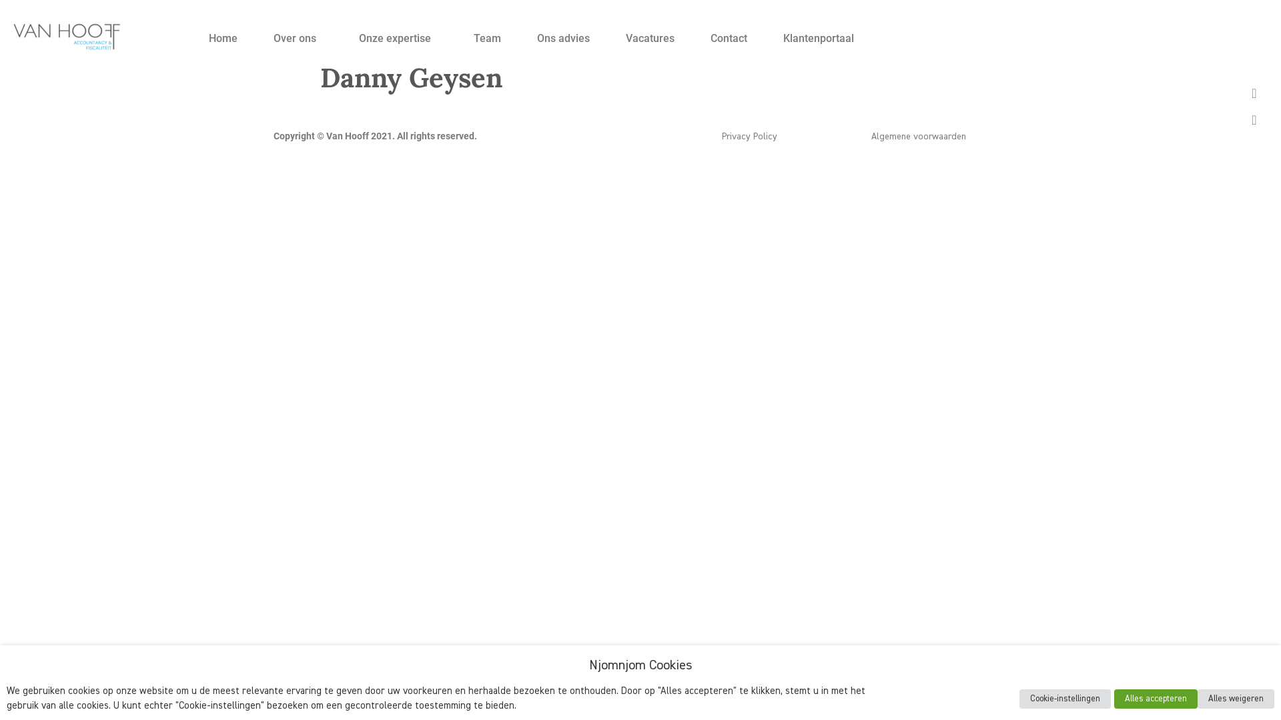  I want to click on 'Over ons', so click(256, 37).